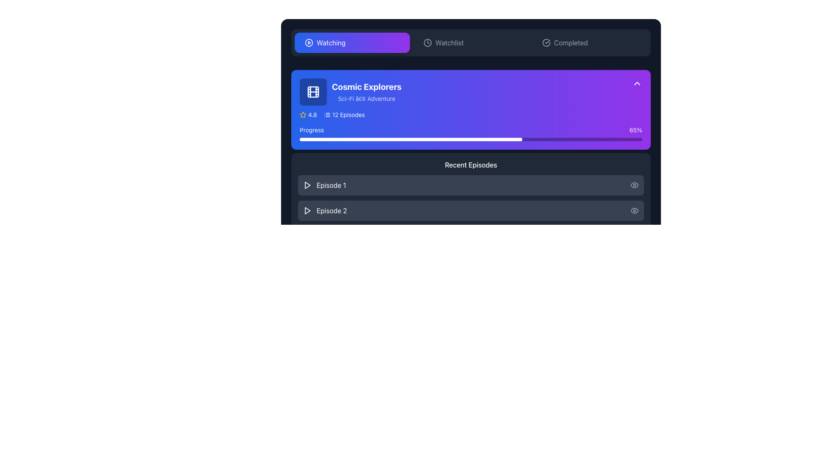 The image size is (814, 458). Describe the element at coordinates (590, 139) in the screenshot. I see `progress bar` at that location.